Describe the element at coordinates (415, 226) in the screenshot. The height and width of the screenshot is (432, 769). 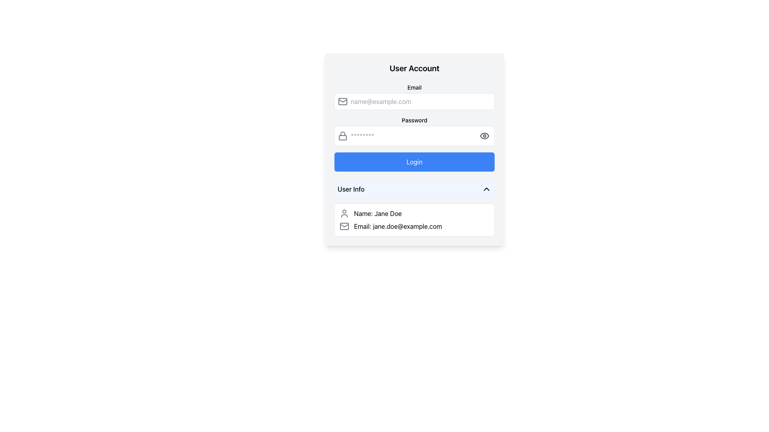
I see `the 'Email: jane.doe@example.com' text with envelope icon located in the 'User Info' section, underneath 'Name: Jane Doe'` at that location.